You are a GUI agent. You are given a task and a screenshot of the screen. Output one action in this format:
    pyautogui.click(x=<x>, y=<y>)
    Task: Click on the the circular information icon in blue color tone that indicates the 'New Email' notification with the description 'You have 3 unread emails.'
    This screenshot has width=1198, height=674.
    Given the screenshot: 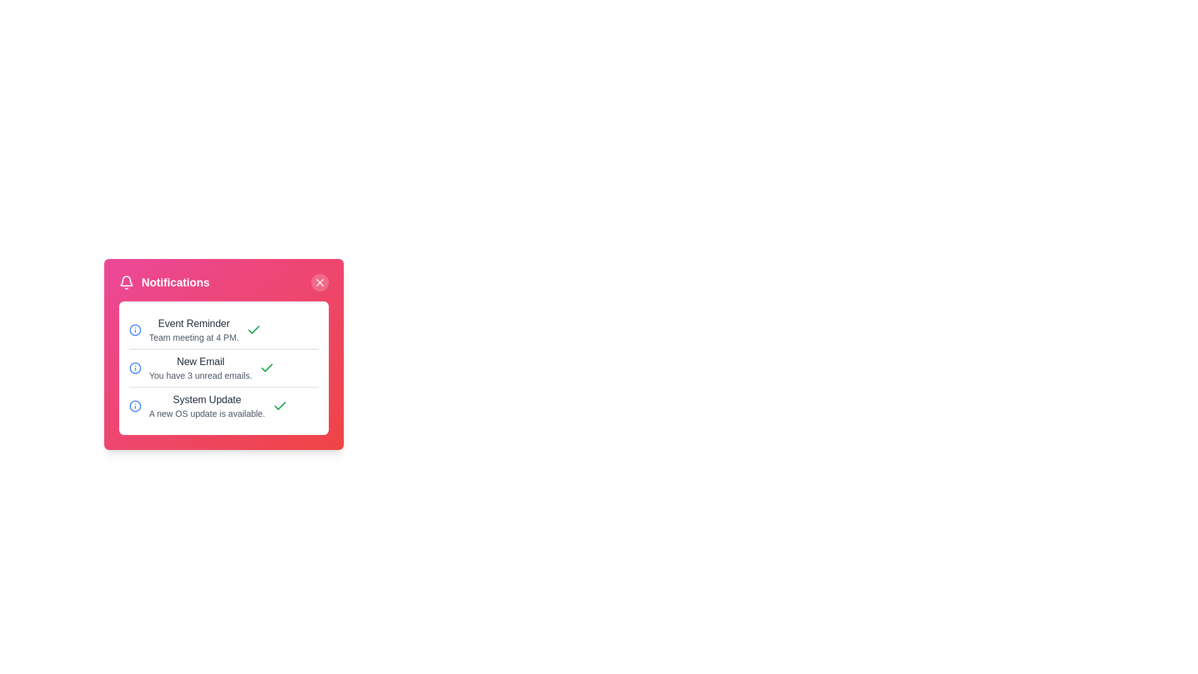 What is the action you would take?
    pyautogui.click(x=135, y=368)
    